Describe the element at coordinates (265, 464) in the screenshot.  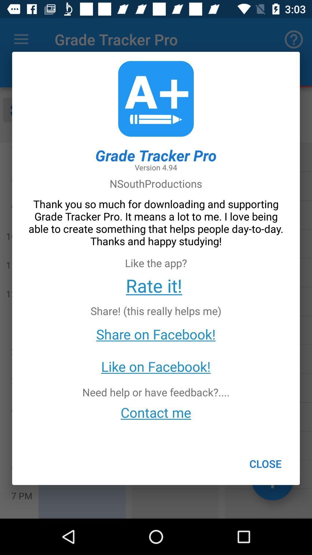
I see `close item` at that location.